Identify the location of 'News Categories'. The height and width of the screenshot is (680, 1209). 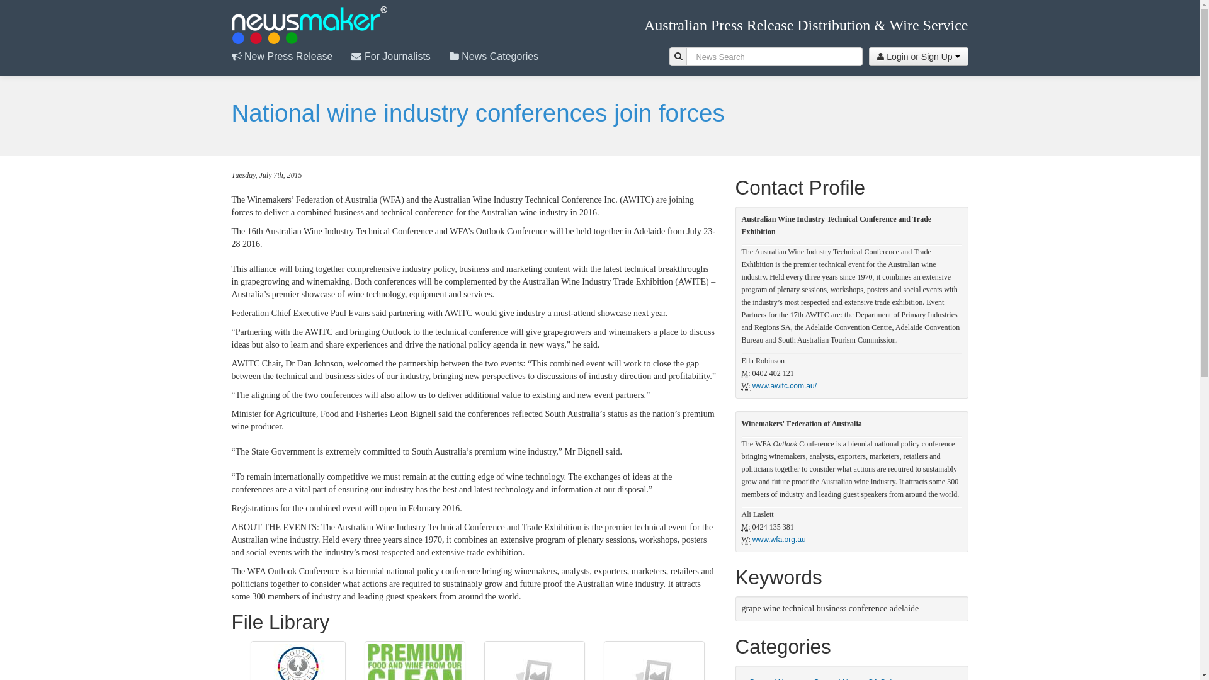
(502, 55).